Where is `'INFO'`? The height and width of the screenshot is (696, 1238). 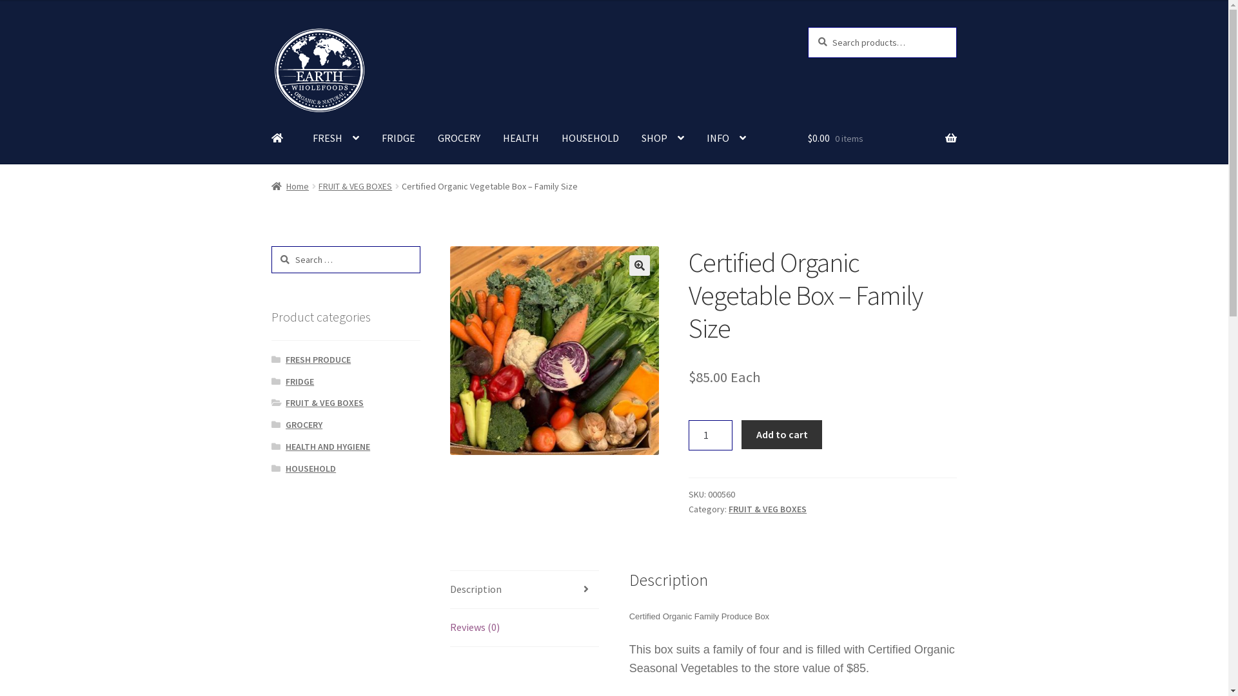
'INFO' is located at coordinates (726, 139).